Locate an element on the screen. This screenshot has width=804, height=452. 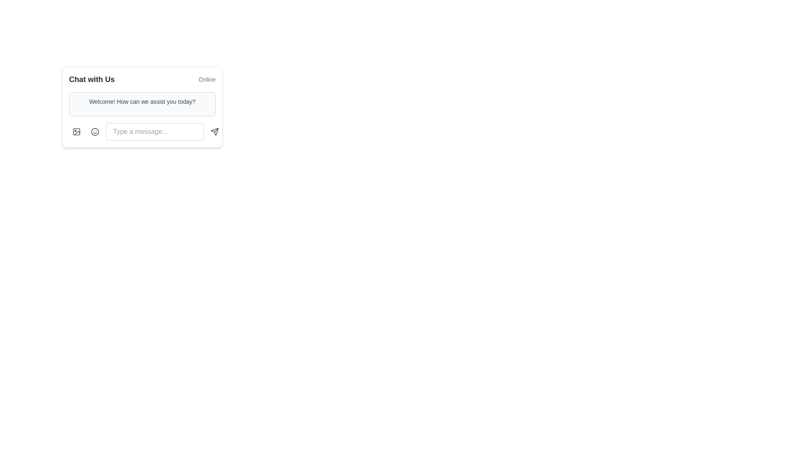
the file onto the upload button located is located at coordinates (76, 132).